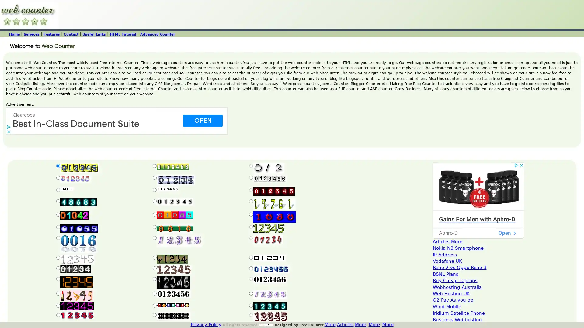 Image resolution: width=584 pixels, height=328 pixels. What do you see at coordinates (179, 240) in the screenshot?
I see `Submit` at bounding box center [179, 240].